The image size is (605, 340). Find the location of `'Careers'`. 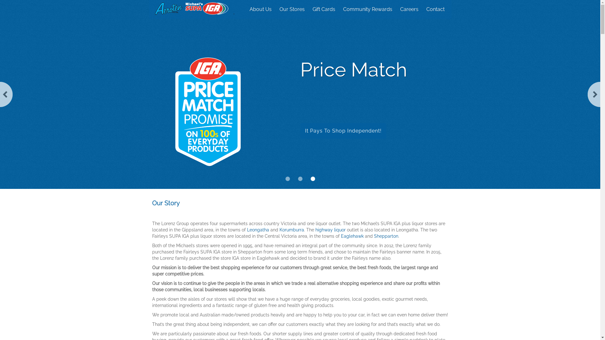

'Careers' is located at coordinates (409, 9).